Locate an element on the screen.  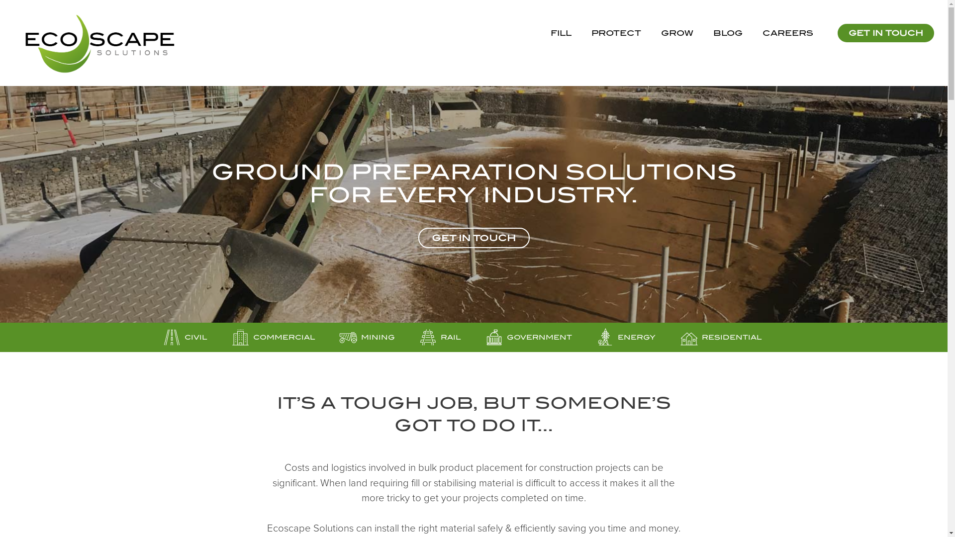
'GROW' is located at coordinates (676, 32).